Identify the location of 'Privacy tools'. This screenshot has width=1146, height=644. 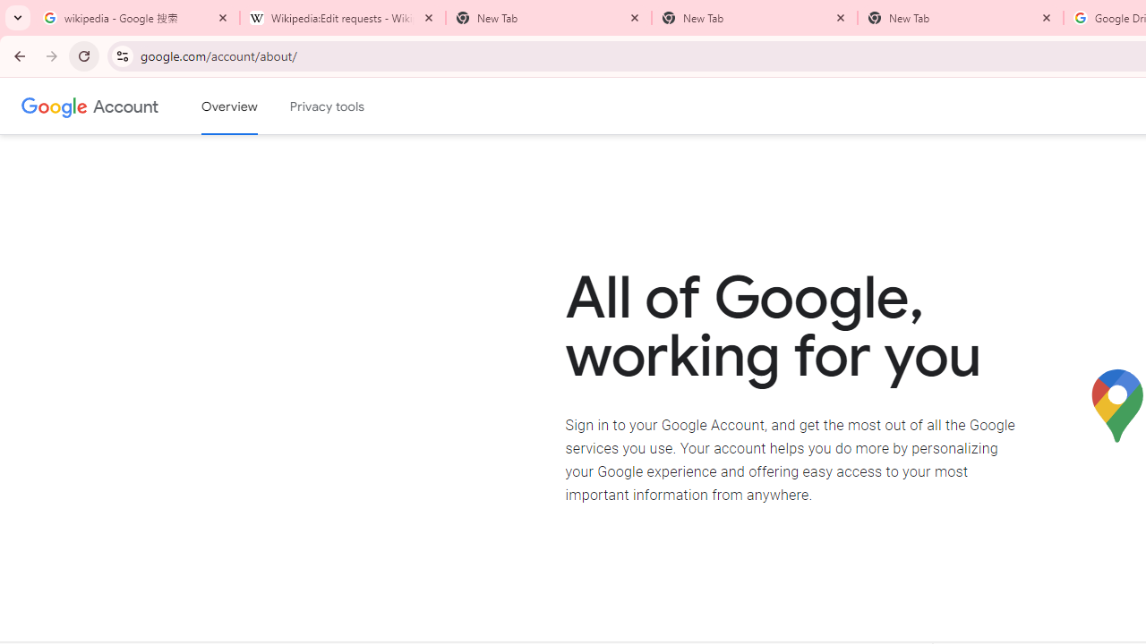
(328, 106).